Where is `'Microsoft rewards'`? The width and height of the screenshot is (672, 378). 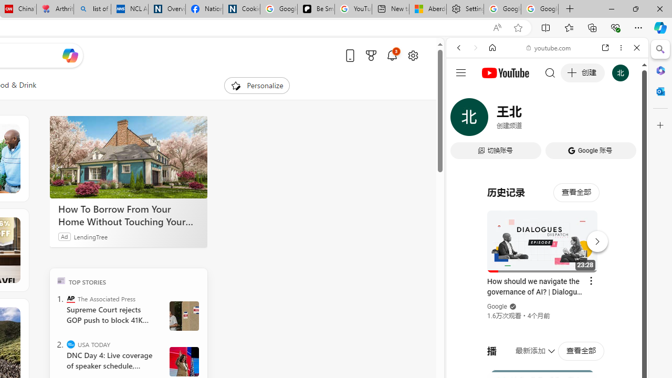 'Microsoft rewards' is located at coordinates (371, 55).